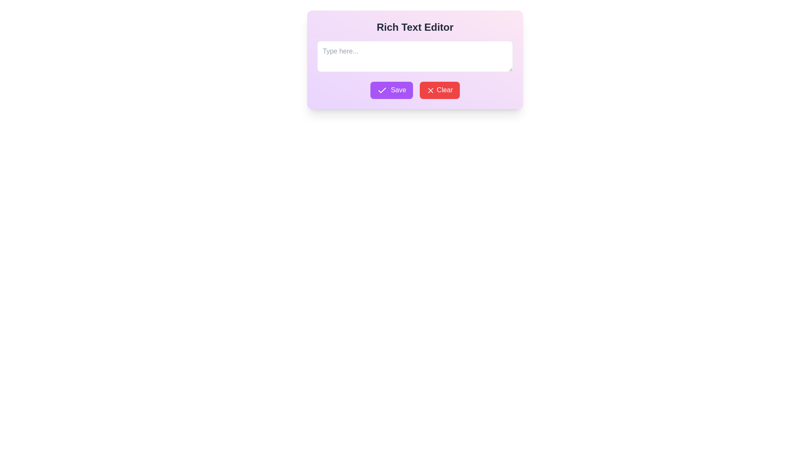 This screenshot has width=810, height=455. I want to click on the 'Clear' button, which is the second button in a horizontal group below the text input field, so click(439, 90).